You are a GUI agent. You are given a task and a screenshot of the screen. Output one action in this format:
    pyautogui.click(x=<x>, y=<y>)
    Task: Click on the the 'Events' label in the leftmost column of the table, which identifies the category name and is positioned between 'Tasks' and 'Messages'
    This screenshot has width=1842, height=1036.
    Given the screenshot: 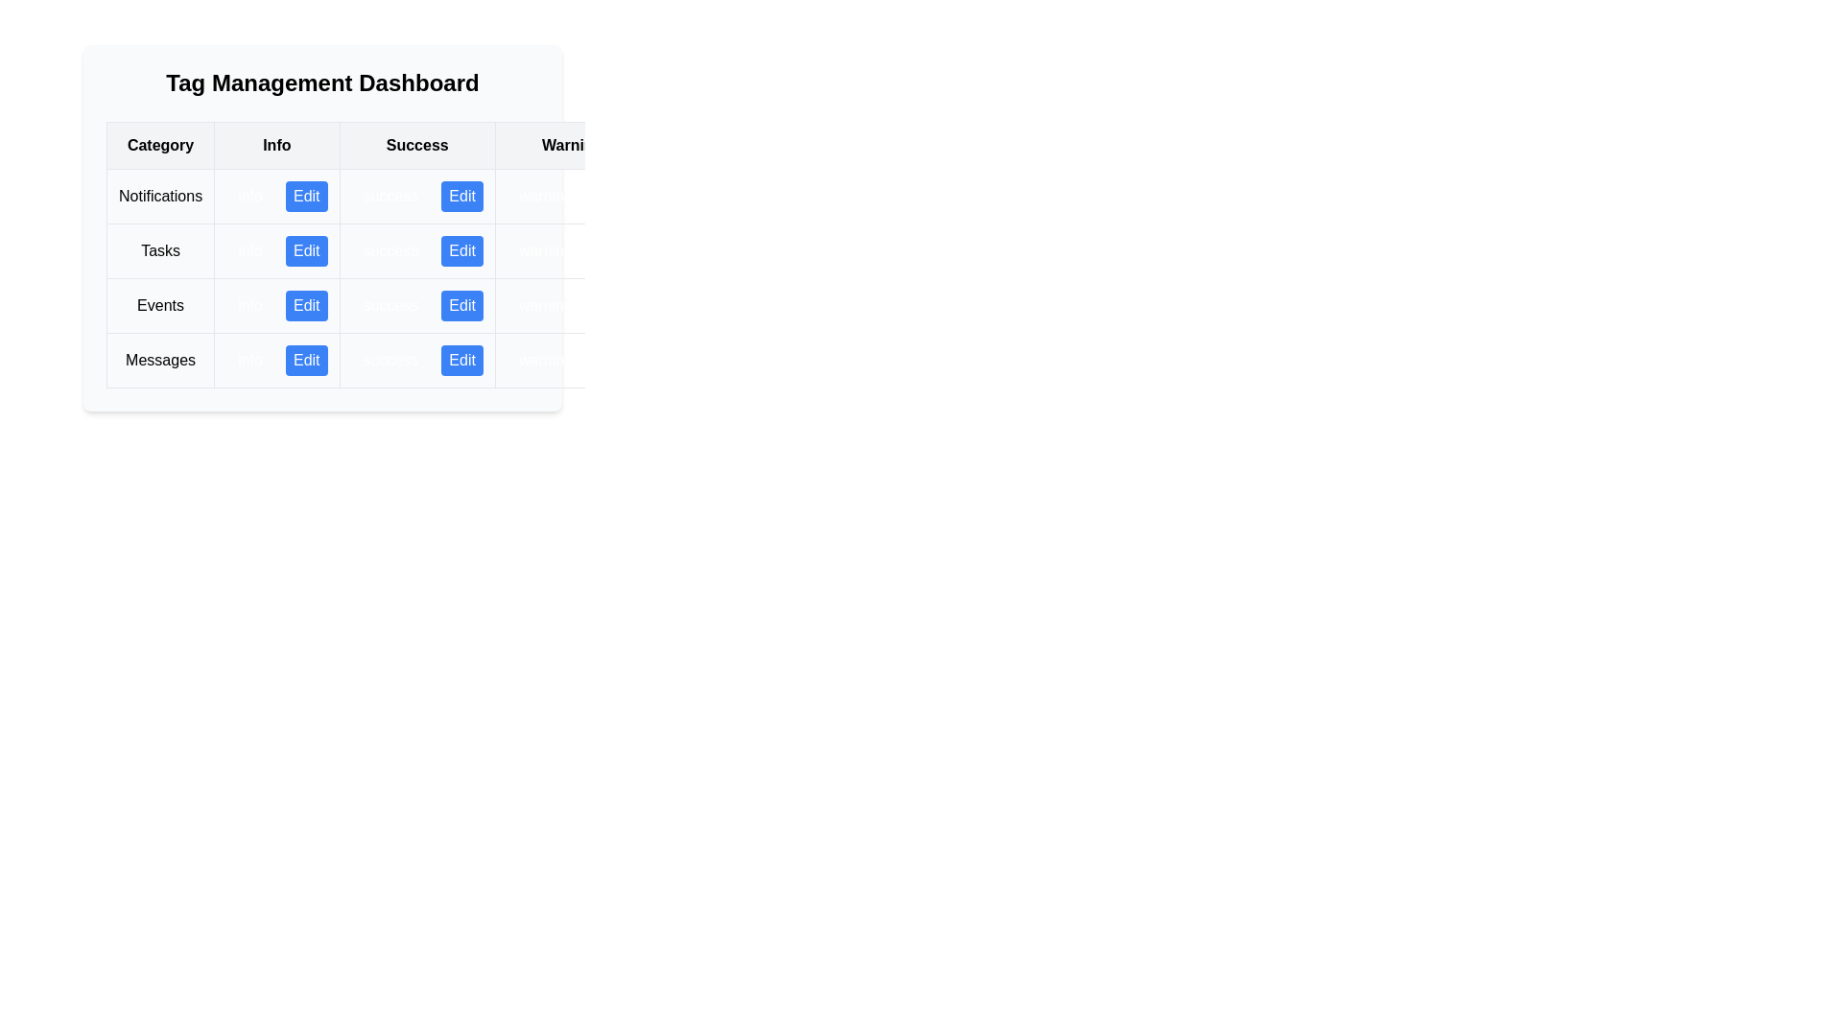 What is the action you would take?
    pyautogui.click(x=160, y=305)
    